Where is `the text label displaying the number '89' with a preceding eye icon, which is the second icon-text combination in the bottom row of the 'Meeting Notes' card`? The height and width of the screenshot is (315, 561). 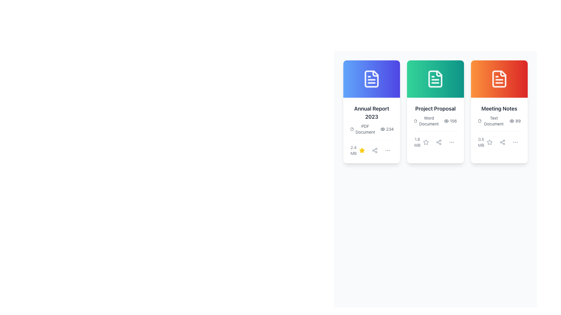
the text label displaying the number '89' with a preceding eye icon, which is the second icon-text combination in the bottom row of the 'Meeting Notes' card is located at coordinates (515, 121).